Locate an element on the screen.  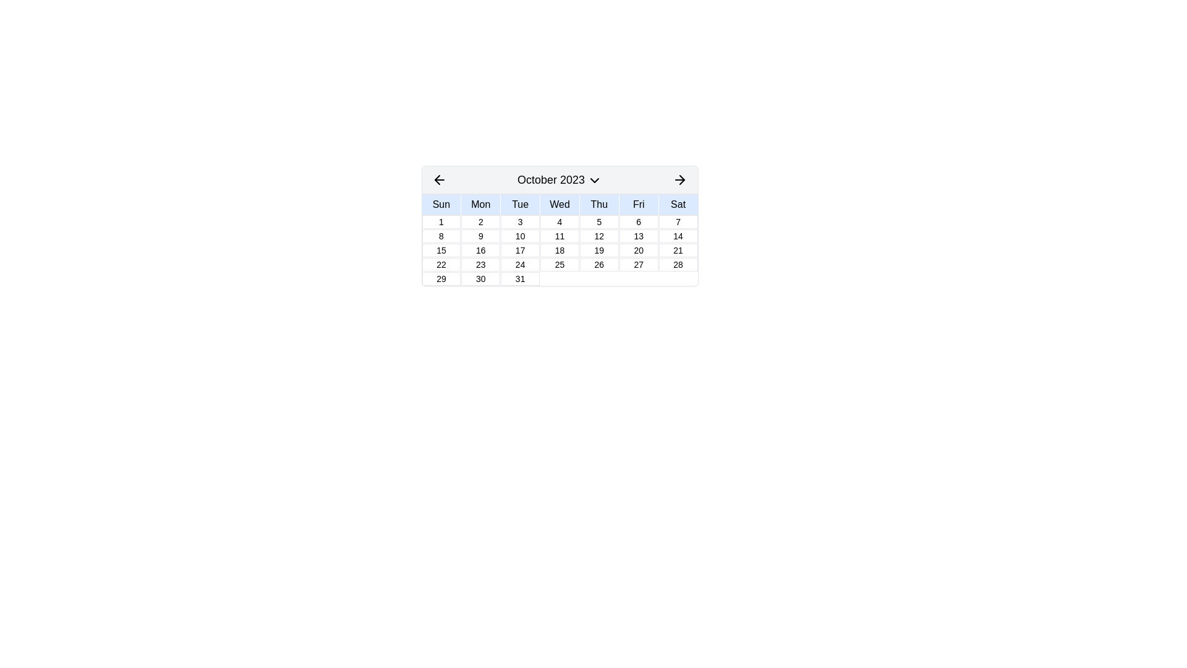
the right arrow button located to the far right of the navigation header, adjacent to the text 'October 2023' is located at coordinates (679, 179).